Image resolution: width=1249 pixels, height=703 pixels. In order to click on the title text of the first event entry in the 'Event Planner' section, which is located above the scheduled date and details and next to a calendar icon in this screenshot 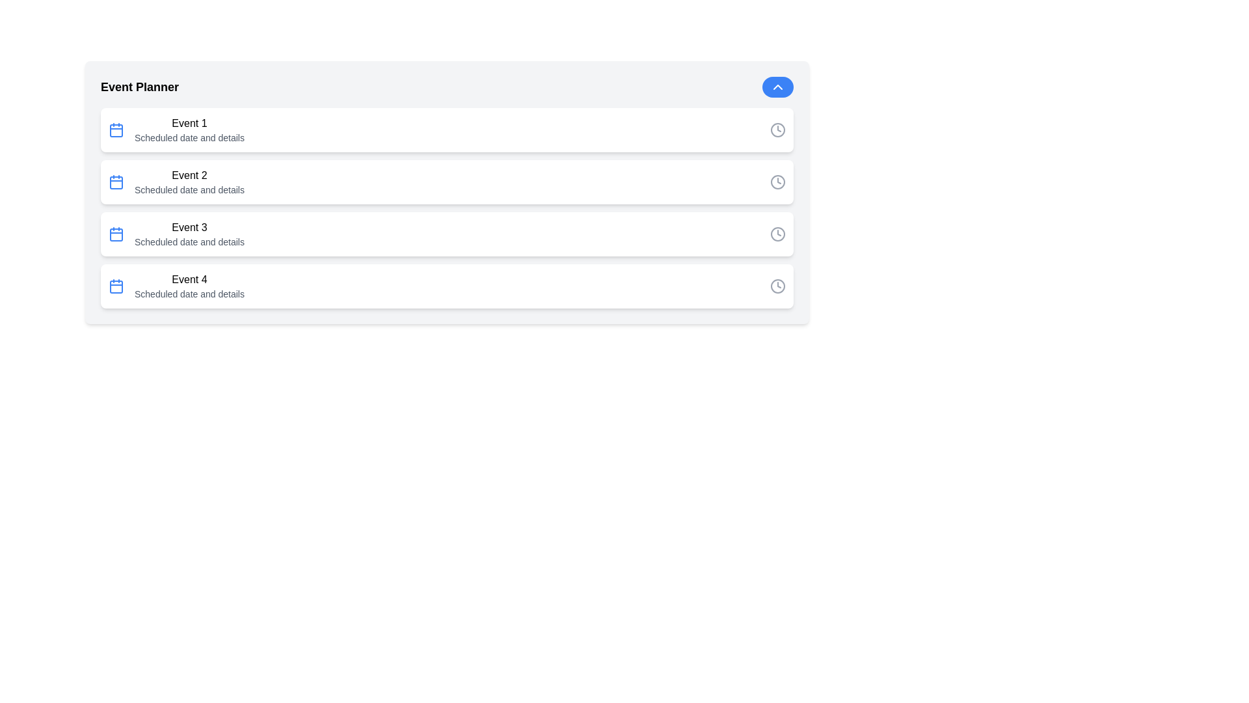, I will do `click(189, 123)`.